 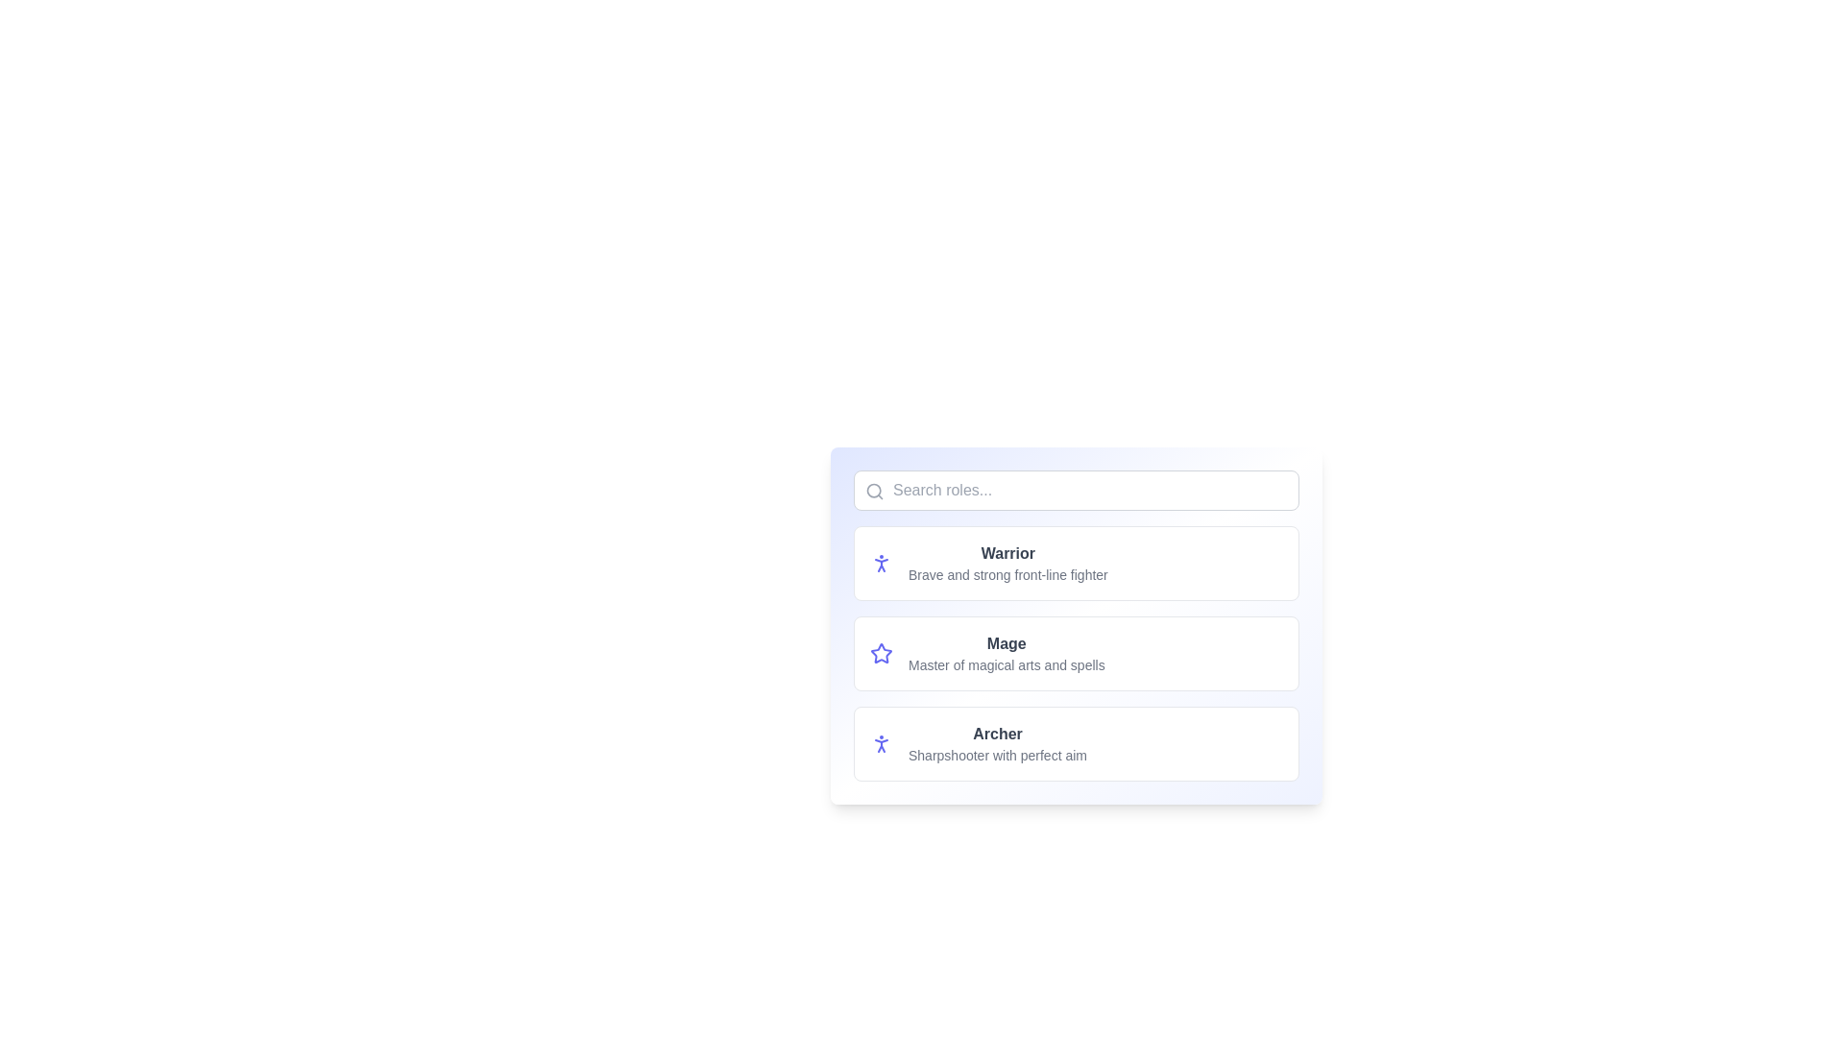 I want to click on description of the Text Block with the heading 'Archer' and subtext 'Sharpshooter with perfect aim', so click(x=997, y=743).